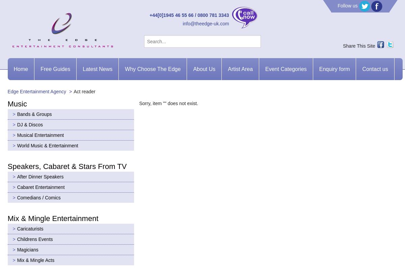 This screenshot has height=268, width=405. Describe the element at coordinates (34, 114) in the screenshot. I see `'Bands & Groups'` at that location.